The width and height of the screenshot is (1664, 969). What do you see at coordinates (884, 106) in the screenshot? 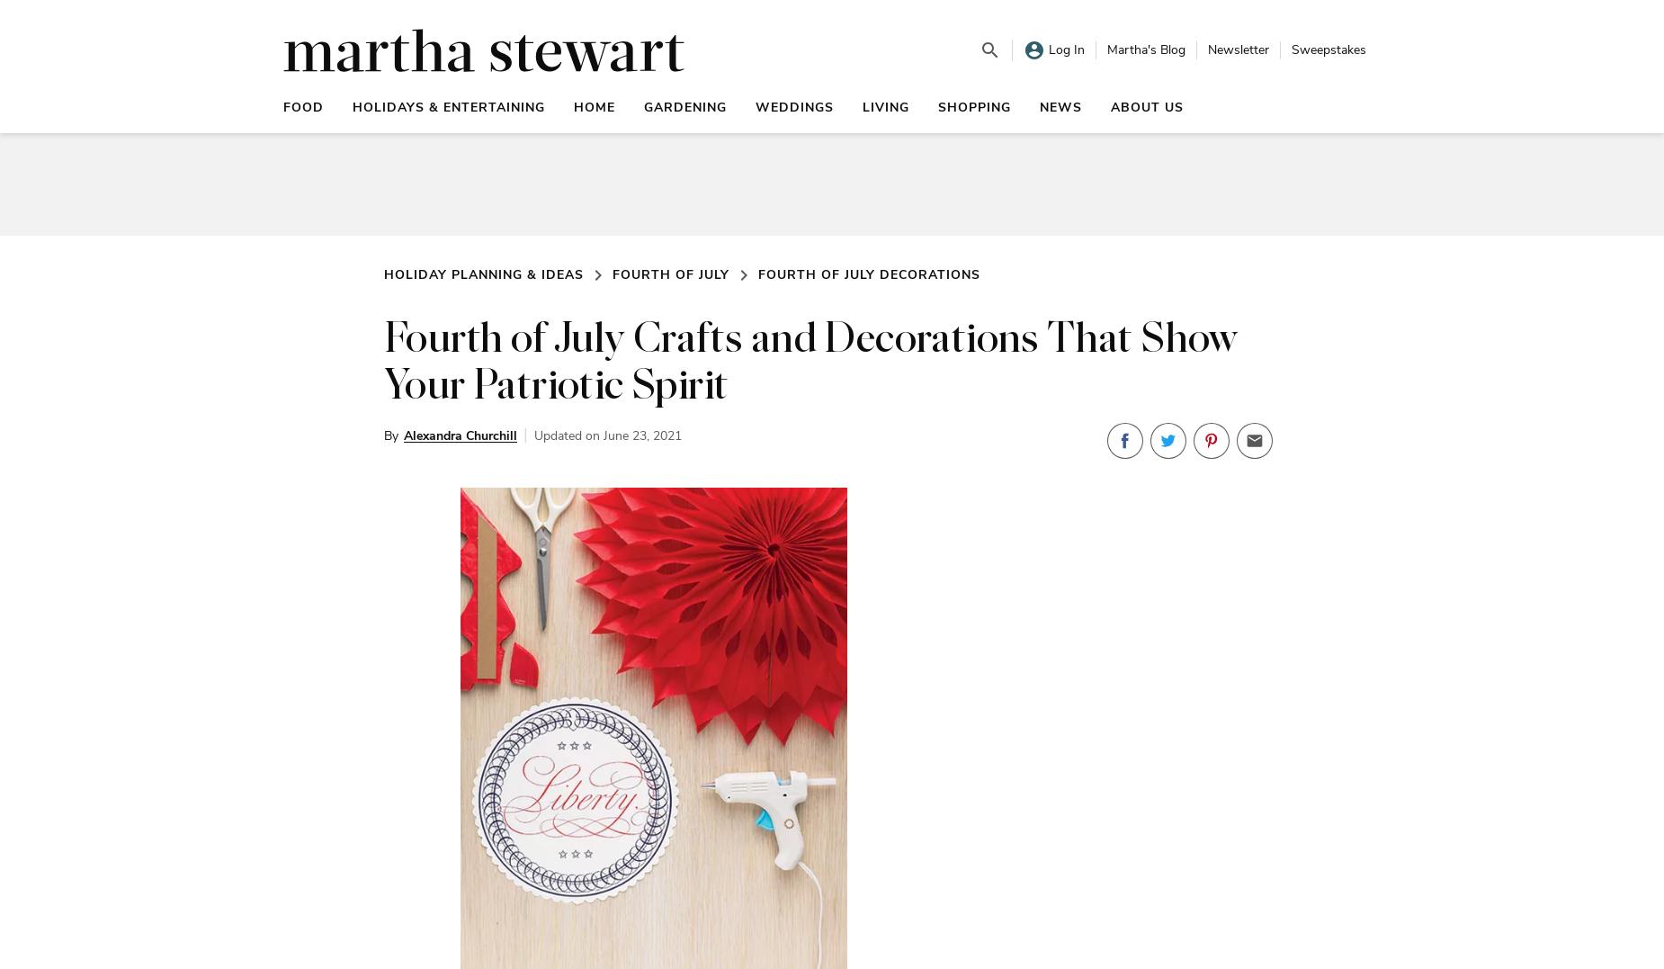
I see `'Living'` at bounding box center [884, 106].